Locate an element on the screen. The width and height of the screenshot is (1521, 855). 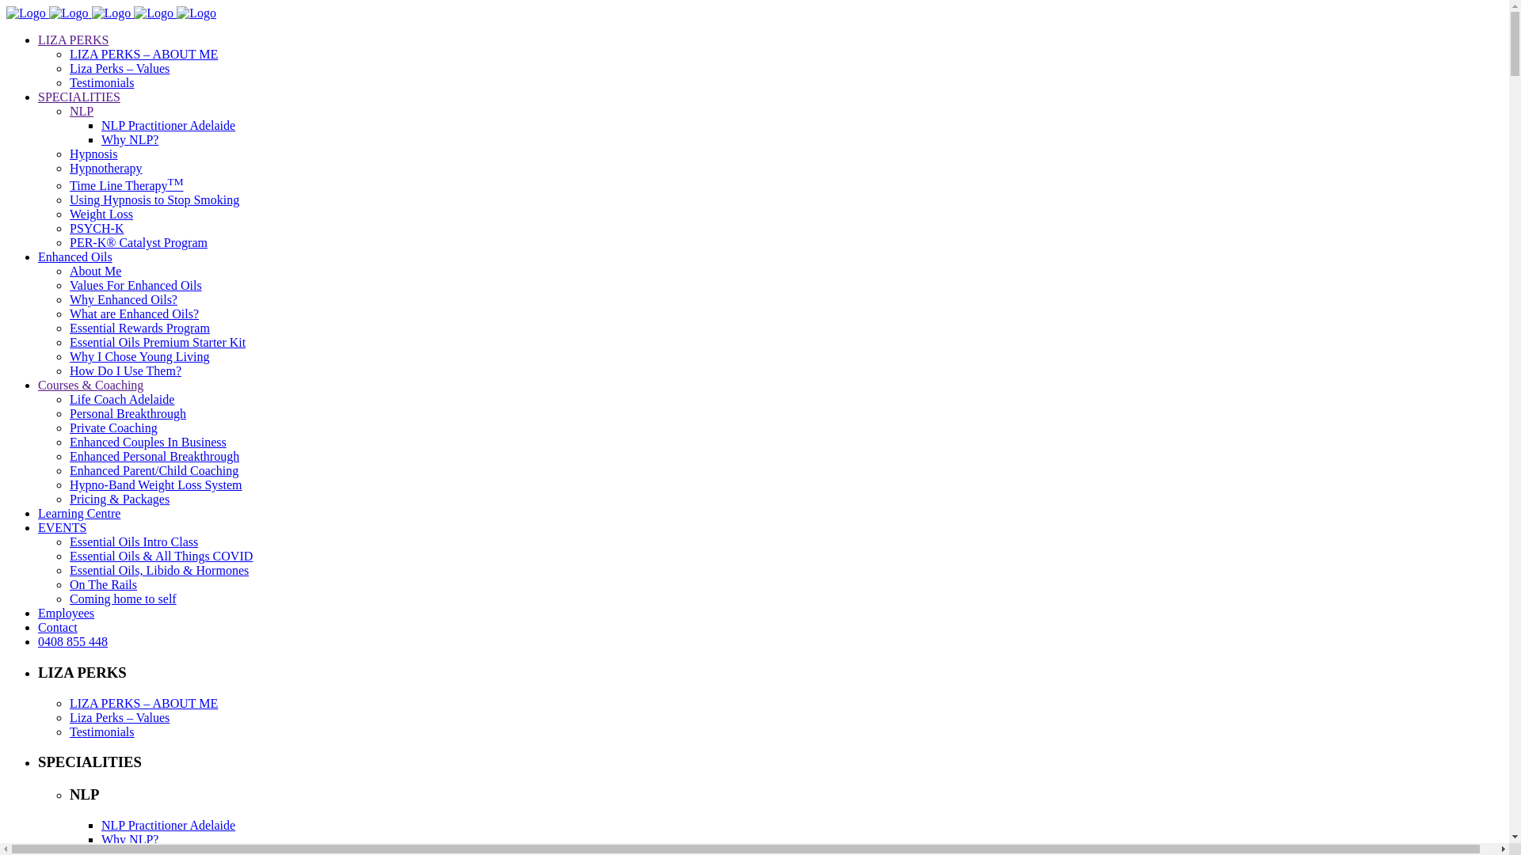
'Hypno-Band Weight Loss System' is located at coordinates (155, 484).